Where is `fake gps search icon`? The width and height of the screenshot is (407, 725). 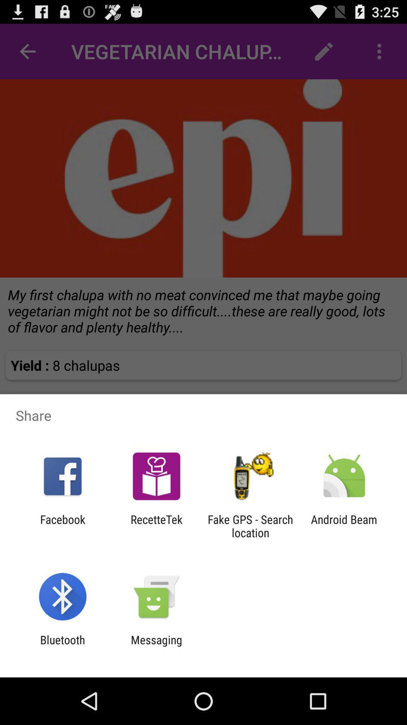
fake gps search icon is located at coordinates (250, 526).